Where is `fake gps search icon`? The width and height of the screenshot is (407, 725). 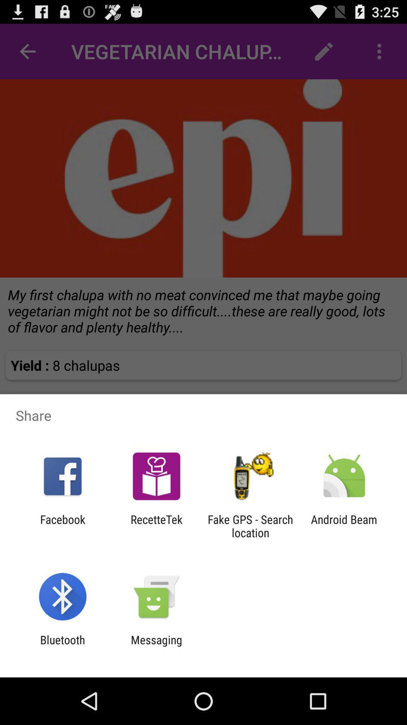
fake gps search icon is located at coordinates (250, 526).